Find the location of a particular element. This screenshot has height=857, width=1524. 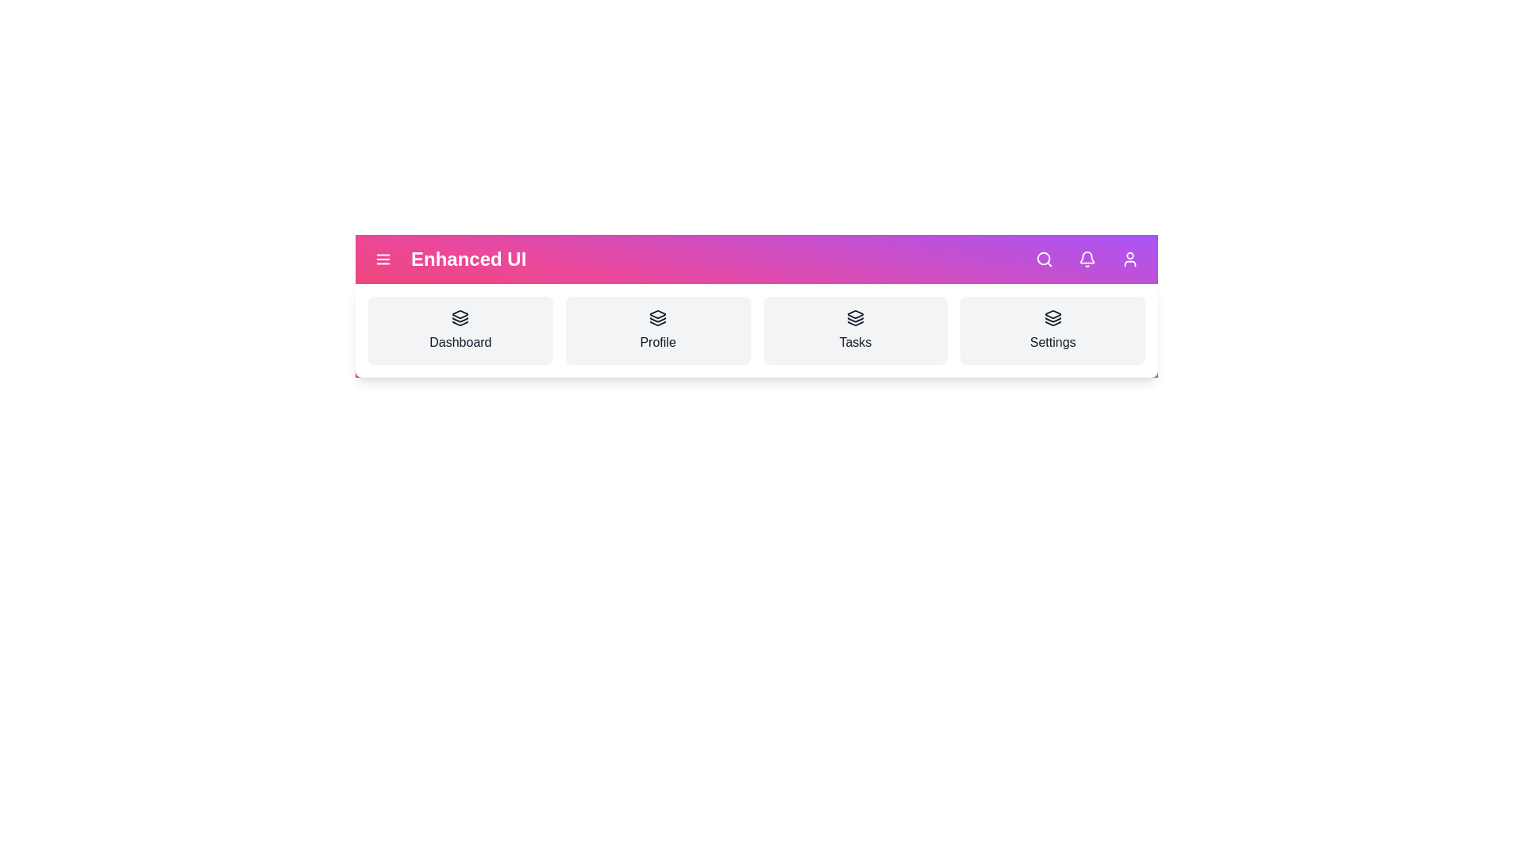

the interactive element tasks_link is located at coordinates (853, 329).